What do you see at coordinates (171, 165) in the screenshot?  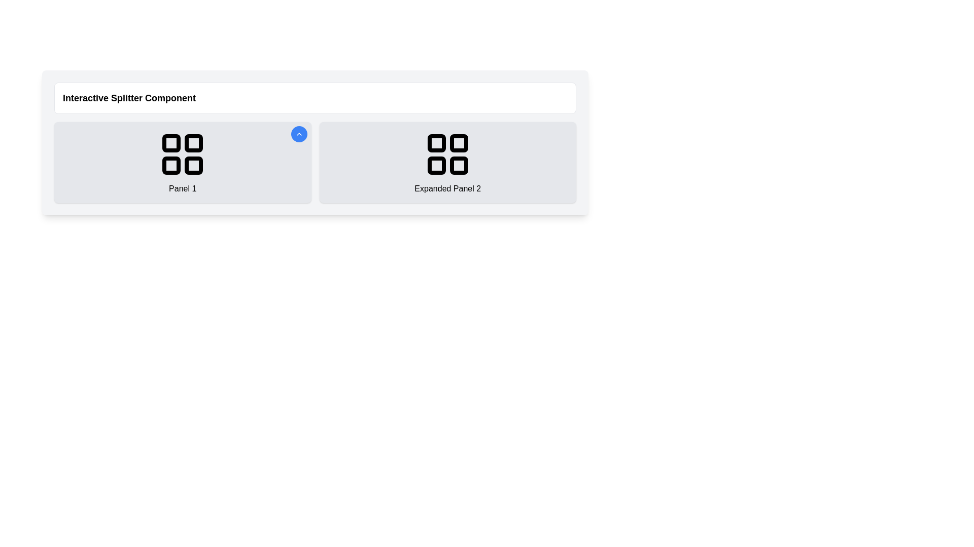 I see `the Decorative grid cell located in the bottom-left position of the 2x2 grid layout with a light gray fill and a black border` at bounding box center [171, 165].